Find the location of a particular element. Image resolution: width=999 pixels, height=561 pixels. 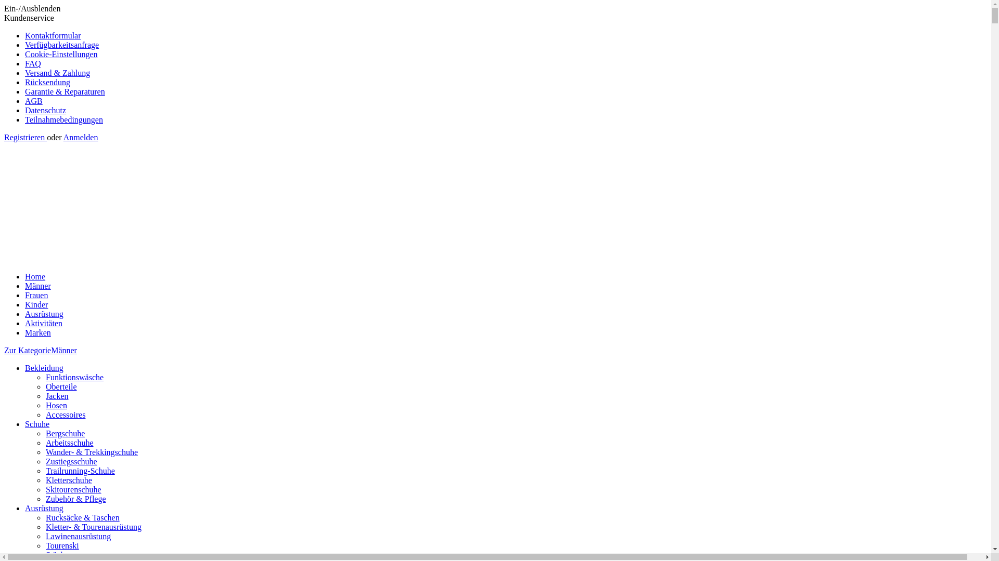

'Teilnahmebedingungen' is located at coordinates (63, 119).